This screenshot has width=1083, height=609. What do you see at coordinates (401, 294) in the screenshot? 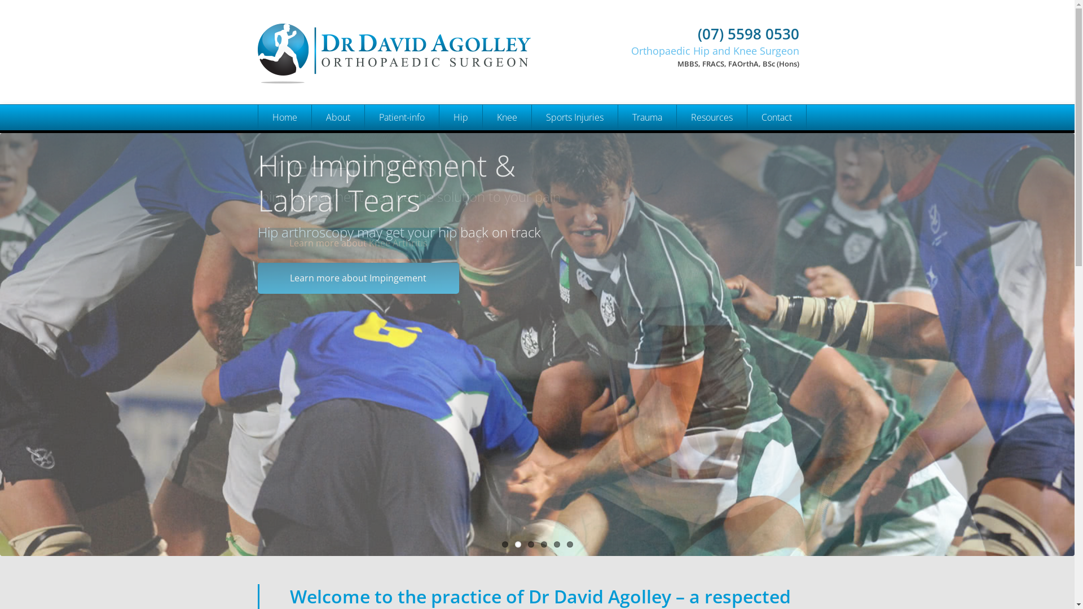
I see `'Planning for surgery'` at bounding box center [401, 294].